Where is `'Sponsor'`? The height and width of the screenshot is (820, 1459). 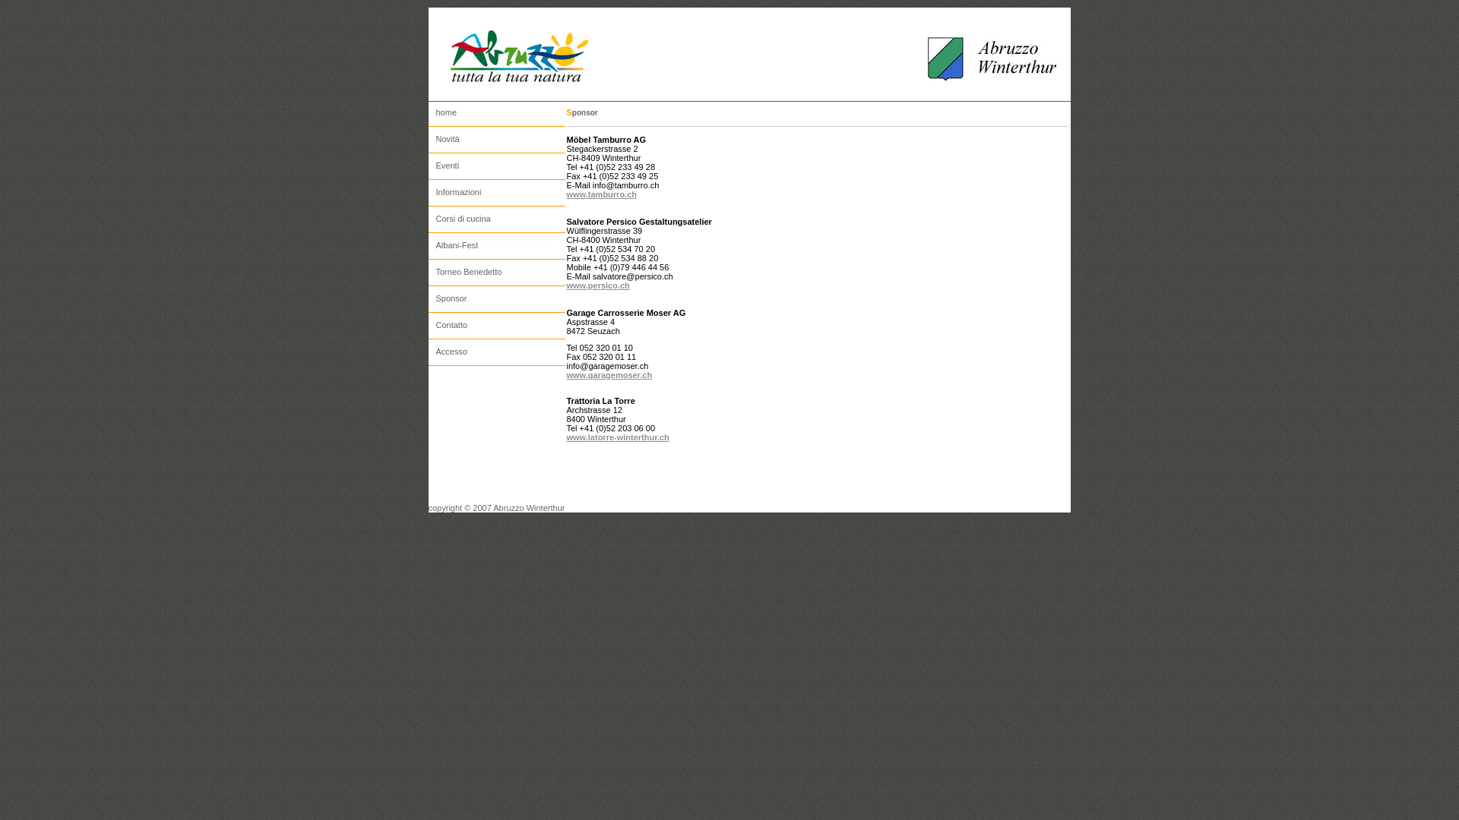
'Sponsor' is located at coordinates (496, 300).